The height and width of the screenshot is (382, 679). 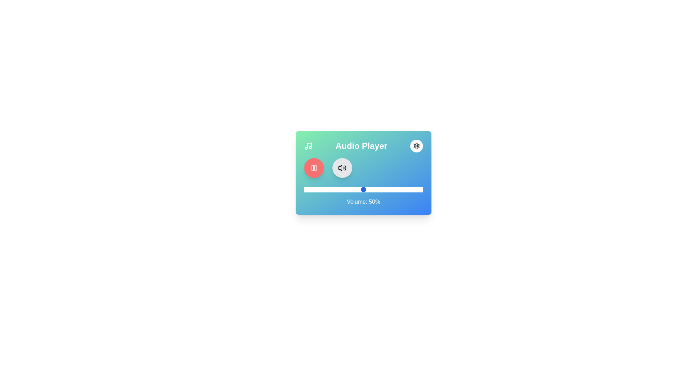 What do you see at coordinates (314, 168) in the screenshot?
I see `the circular red button with a white pause icon located within the 'Audio Player' component` at bounding box center [314, 168].